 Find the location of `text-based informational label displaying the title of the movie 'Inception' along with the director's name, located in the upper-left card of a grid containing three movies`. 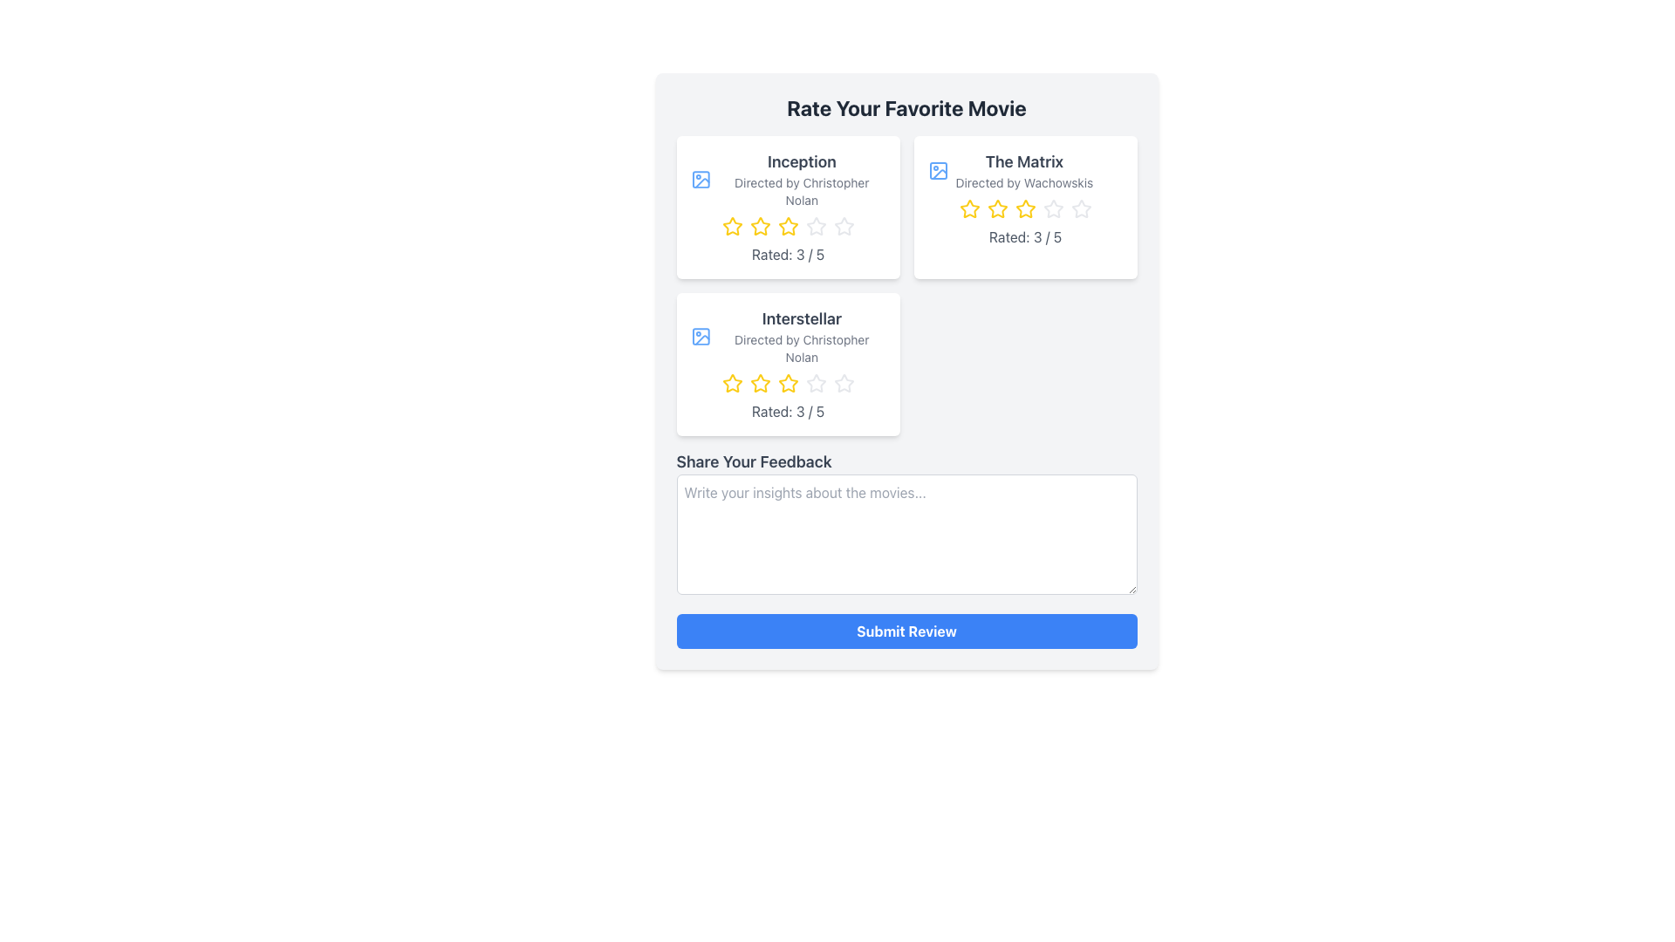

text-based informational label displaying the title of the movie 'Inception' along with the director's name, located in the upper-left card of a grid containing three movies is located at coordinates (801, 179).